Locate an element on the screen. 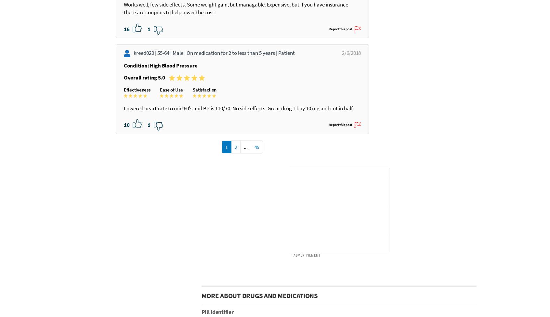  'Lowered heart rate to mid 60's and BP is 110/70. No side effects. Great drug. I buy 10 mg and cut in half.' is located at coordinates (233, 167).